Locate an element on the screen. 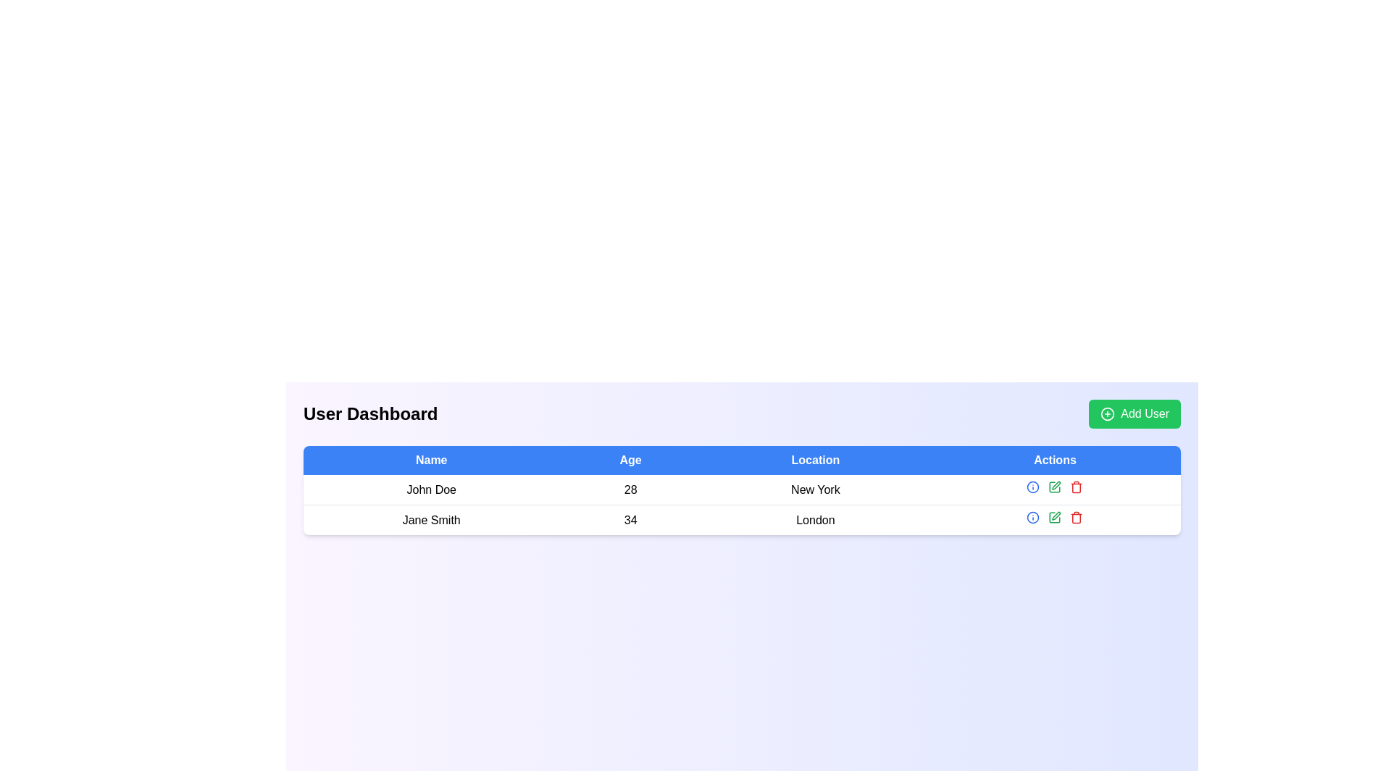 The image size is (1391, 782). the 'Add User' button by clicking the icon positioned on its right side in the top-right corner of the interface is located at coordinates (1107, 413).